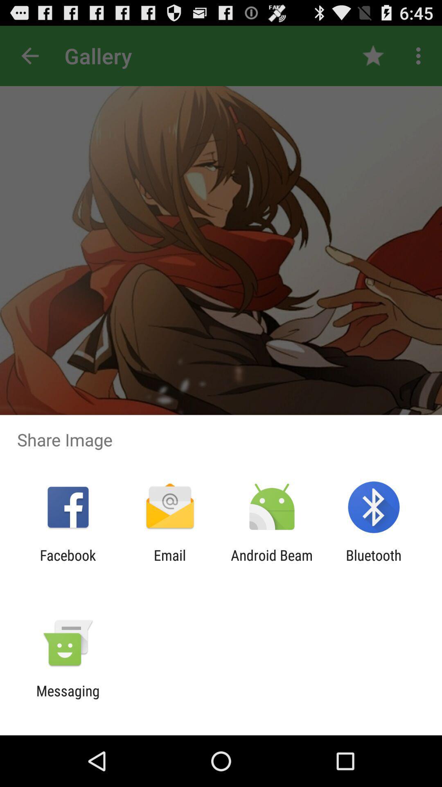  What do you see at coordinates (68, 563) in the screenshot?
I see `facebook icon` at bounding box center [68, 563].